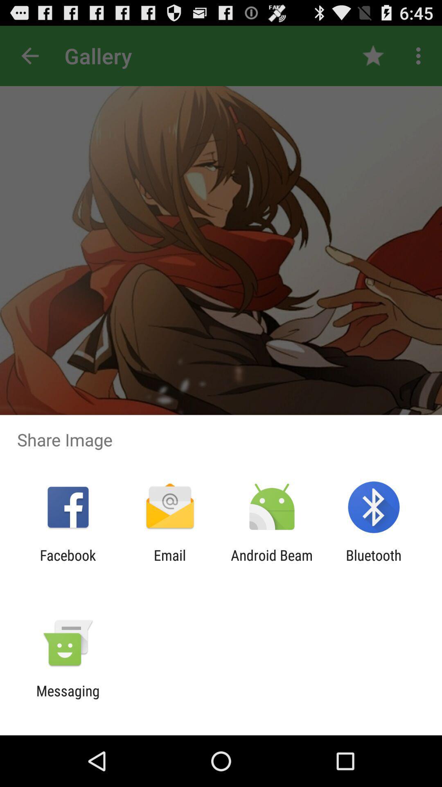  What do you see at coordinates (68, 563) in the screenshot?
I see `facebook icon` at bounding box center [68, 563].